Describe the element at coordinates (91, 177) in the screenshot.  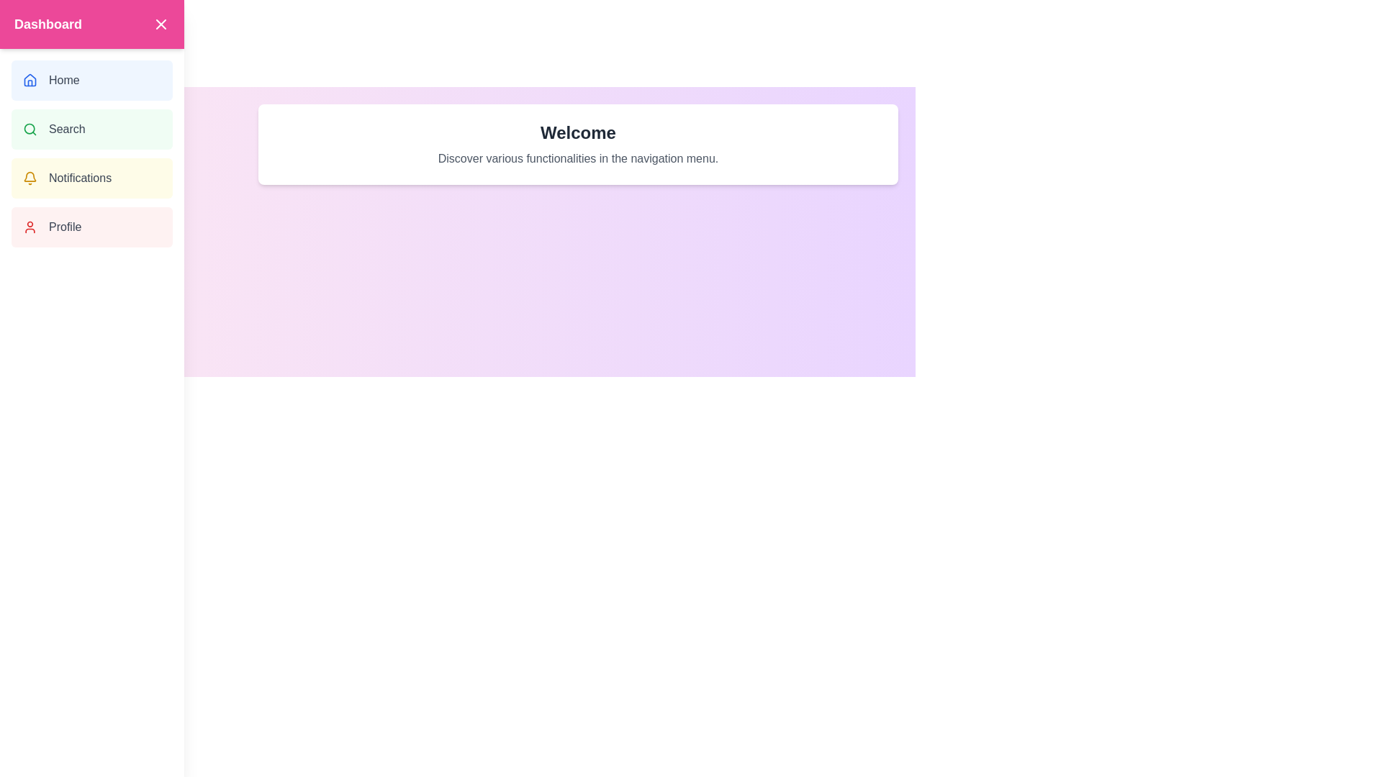
I see `the 'Notifications' button, which is the third item in the vertical navigation menu with a yellow background and a bell icon` at that location.